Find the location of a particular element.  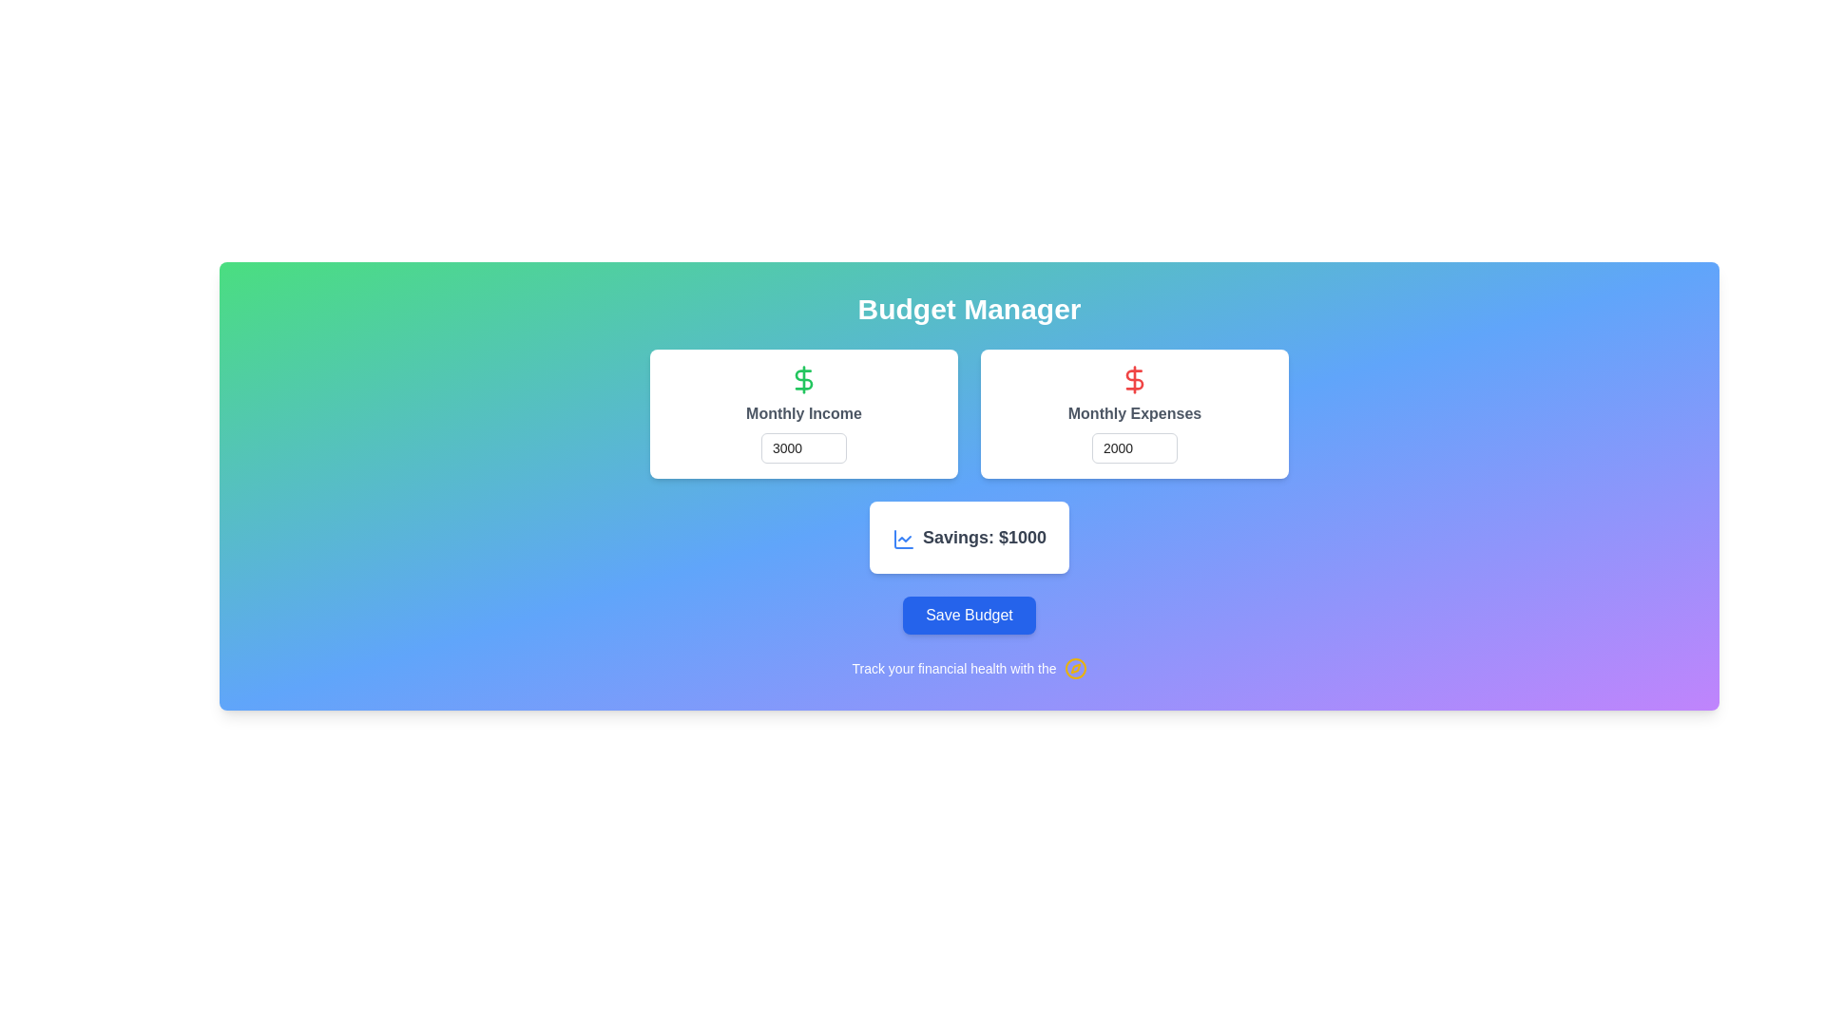

the circular graphic element within the SVG compass illustration located in the bottom-right section of the interface is located at coordinates (1075, 668).